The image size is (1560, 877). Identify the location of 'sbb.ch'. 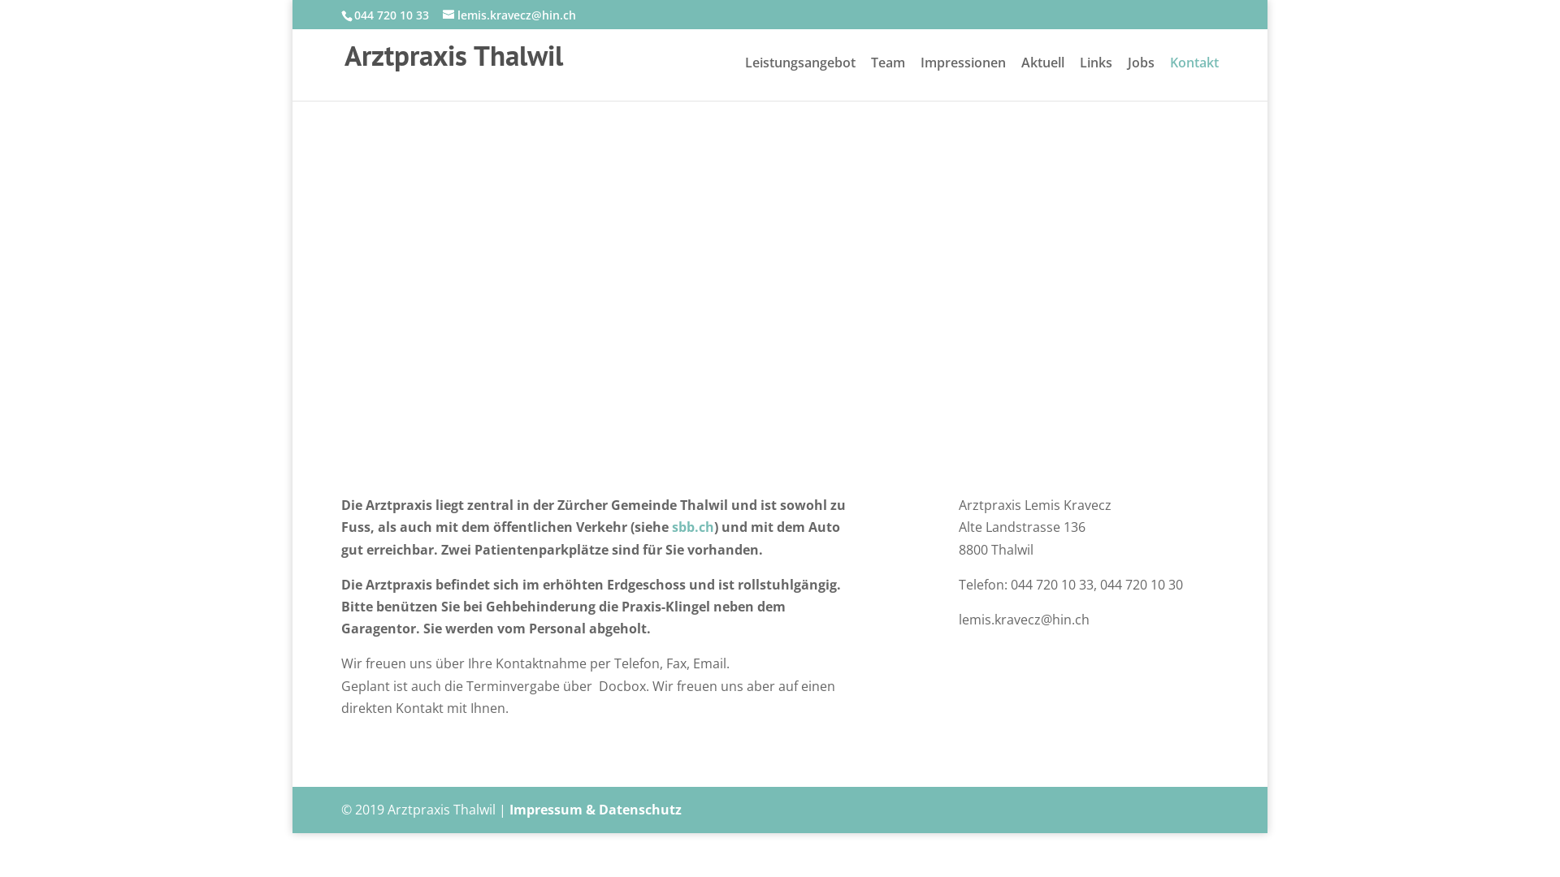
(693, 526).